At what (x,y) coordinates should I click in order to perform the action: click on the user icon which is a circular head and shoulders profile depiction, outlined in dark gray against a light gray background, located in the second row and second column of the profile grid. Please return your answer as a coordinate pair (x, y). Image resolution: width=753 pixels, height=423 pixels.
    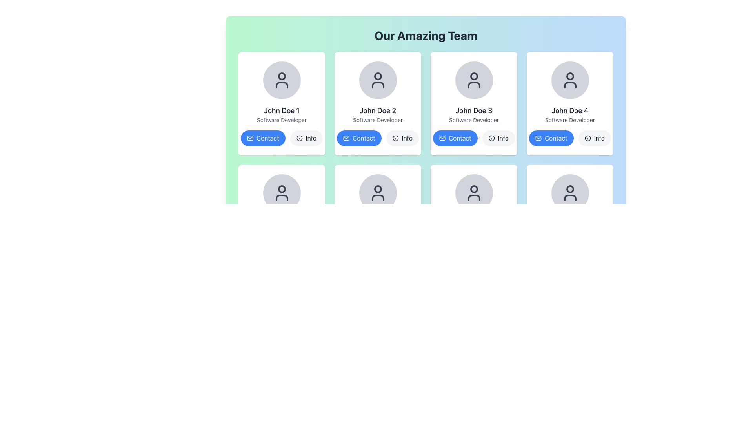
    Looking at the image, I should click on (378, 193).